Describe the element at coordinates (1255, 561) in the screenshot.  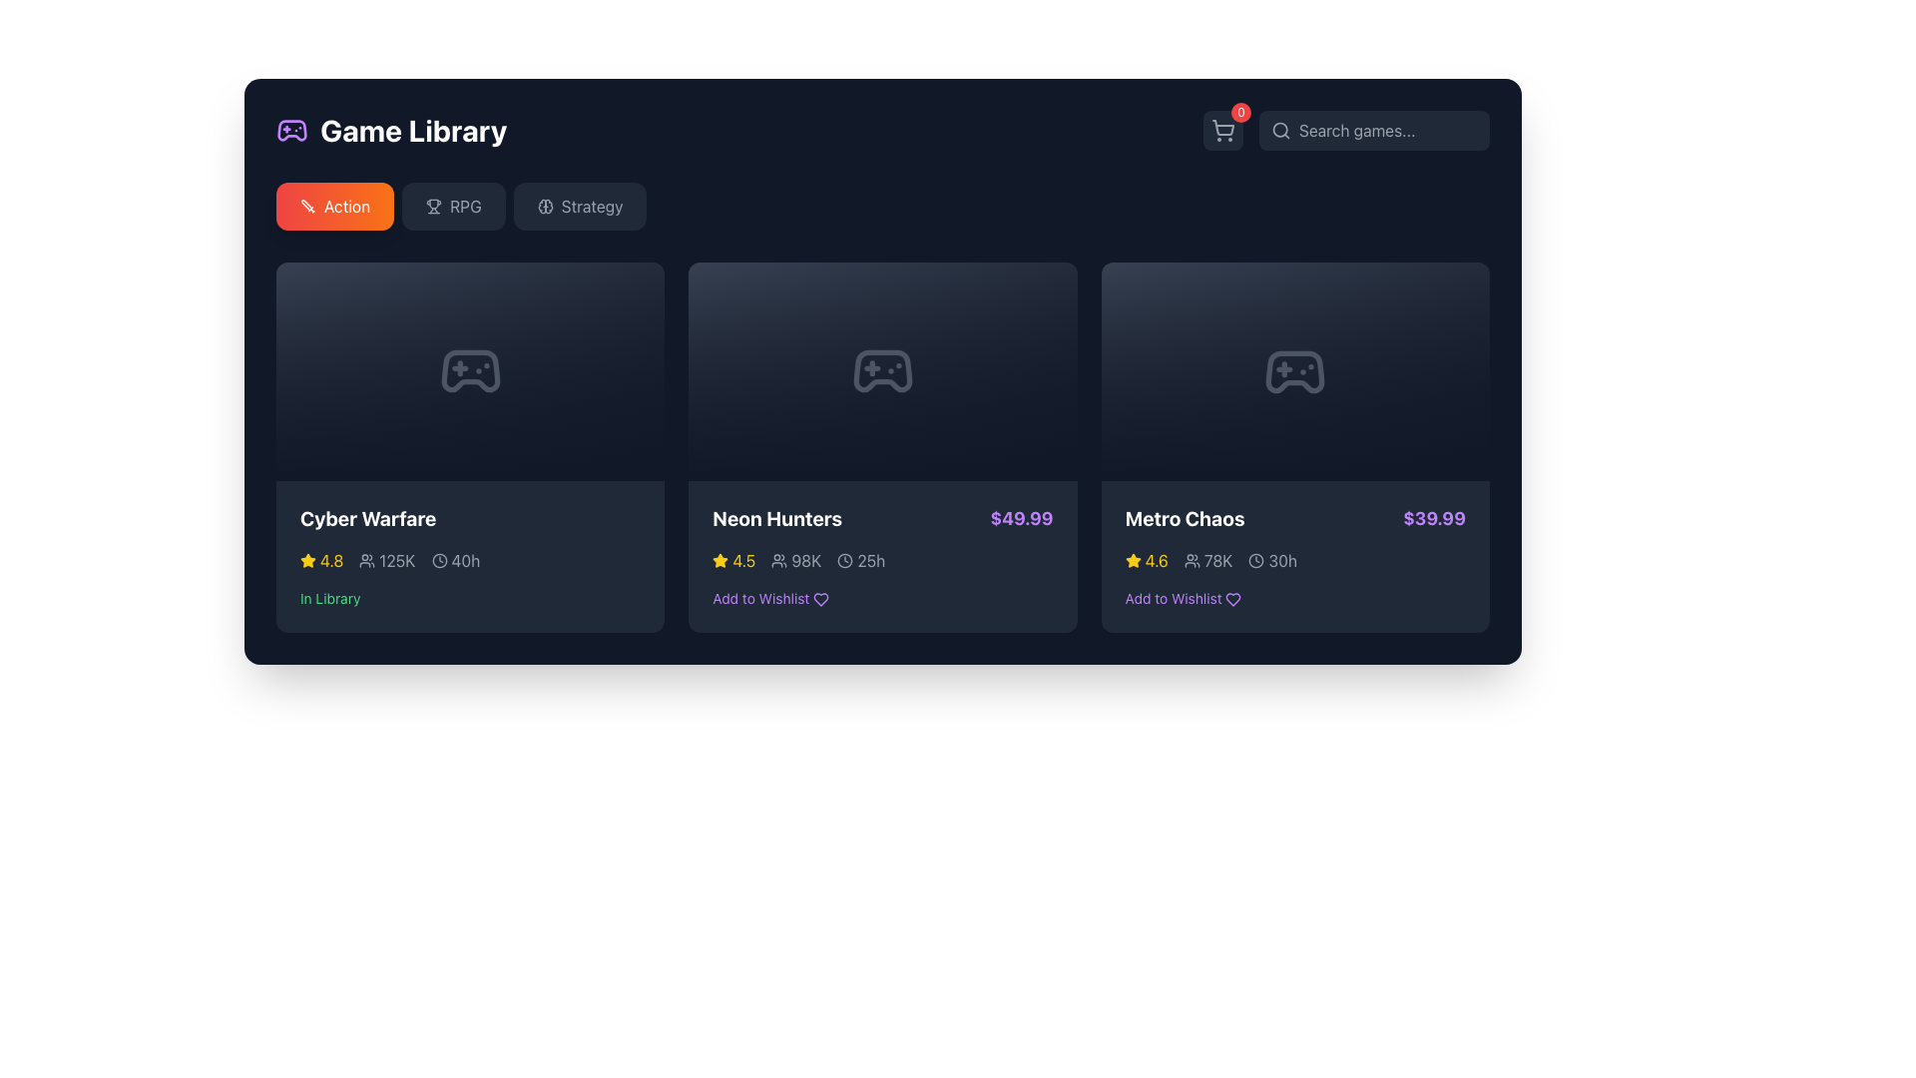
I see `the clock icon, which is a gray SVG graphic with a circular outline and clock hands, located in the lower-right section of the 'Metro Chaos' game card, to the left of the text '30h'` at that location.